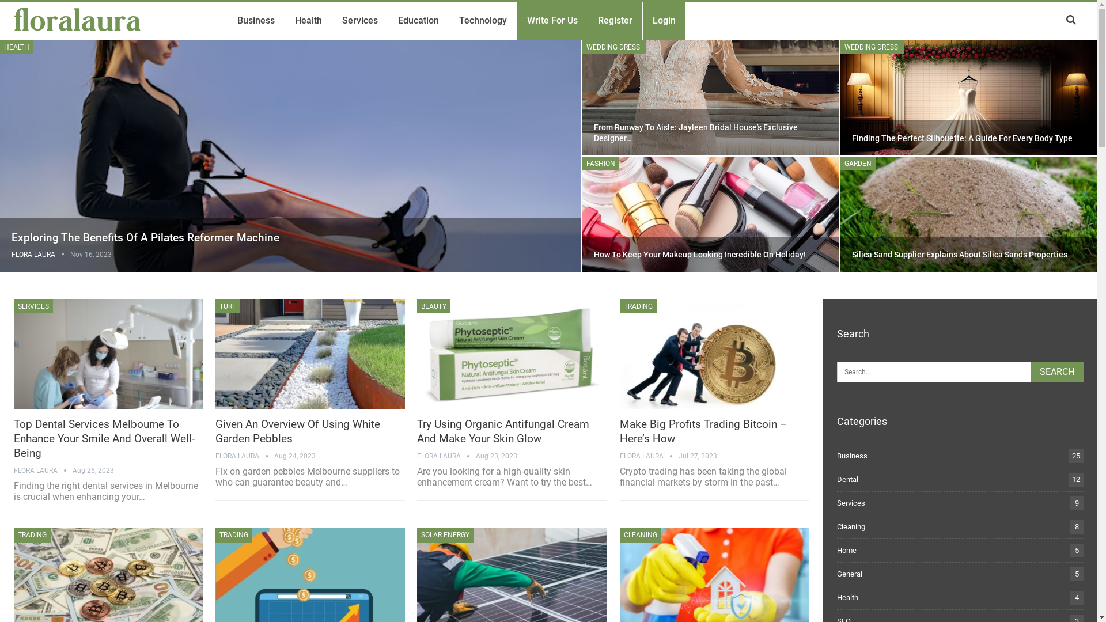 Image resolution: width=1106 pixels, height=622 pixels. I want to click on 'Search', so click(1031, 371).